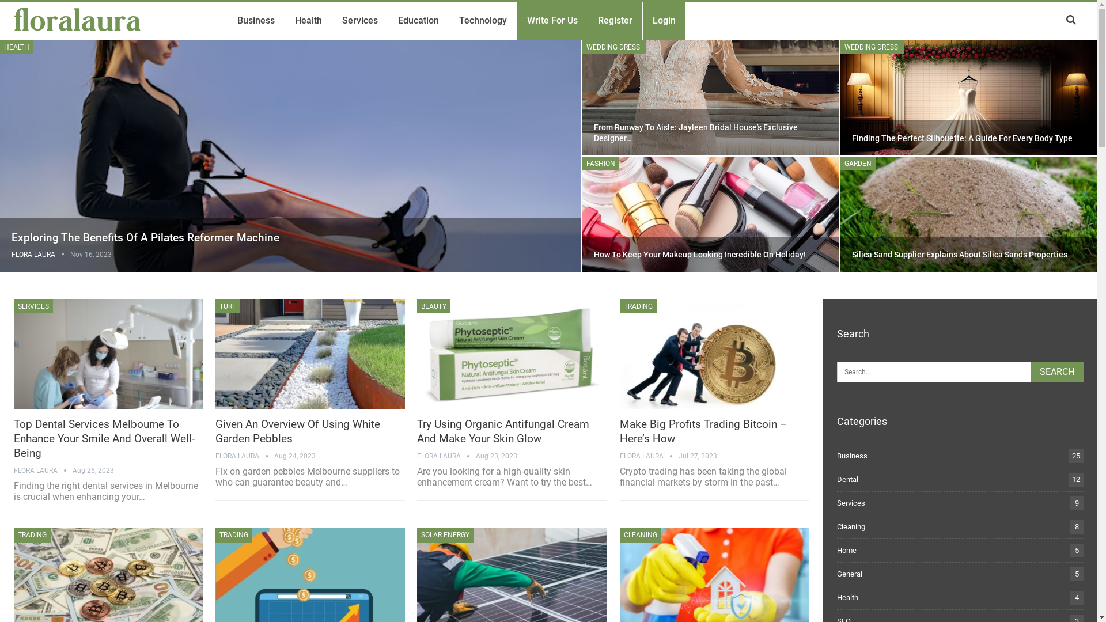 Image resolution: width=1106 pixels, height=622 pixels. I want to click on 'Search', so click(1031, 371).